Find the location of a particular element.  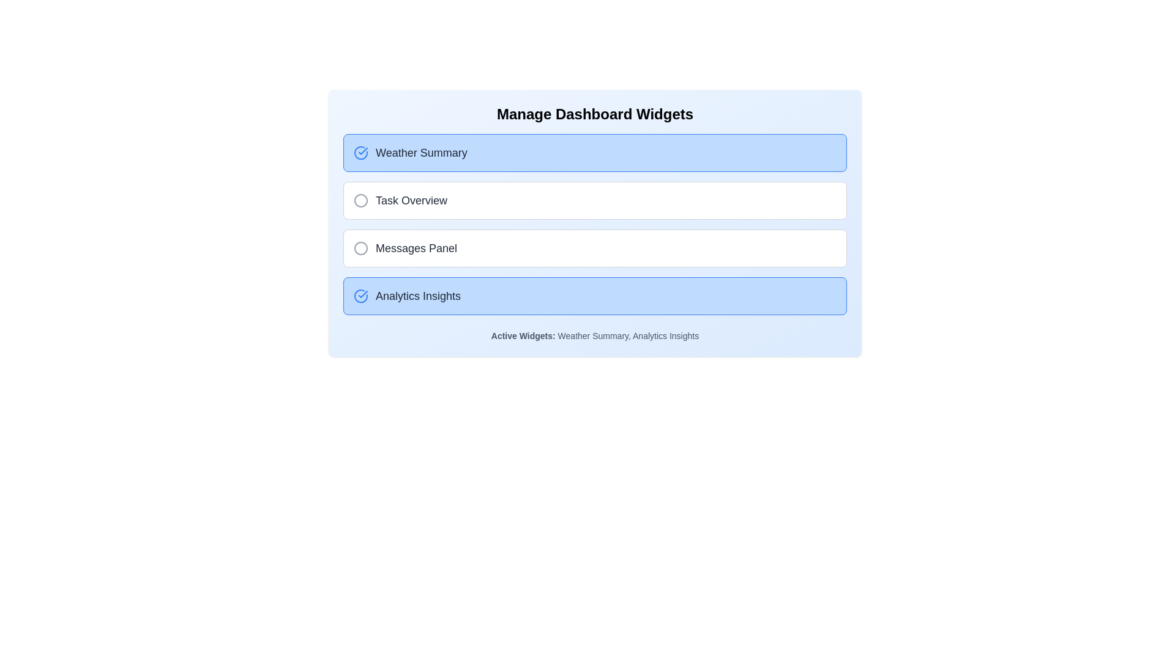

the checkmark icon indicating that the 'Analytics Insights' option has been selected, located inside the blue rectangular selection box to the left of the text 'Analytics Insights' is located at coordinates (362, 150).